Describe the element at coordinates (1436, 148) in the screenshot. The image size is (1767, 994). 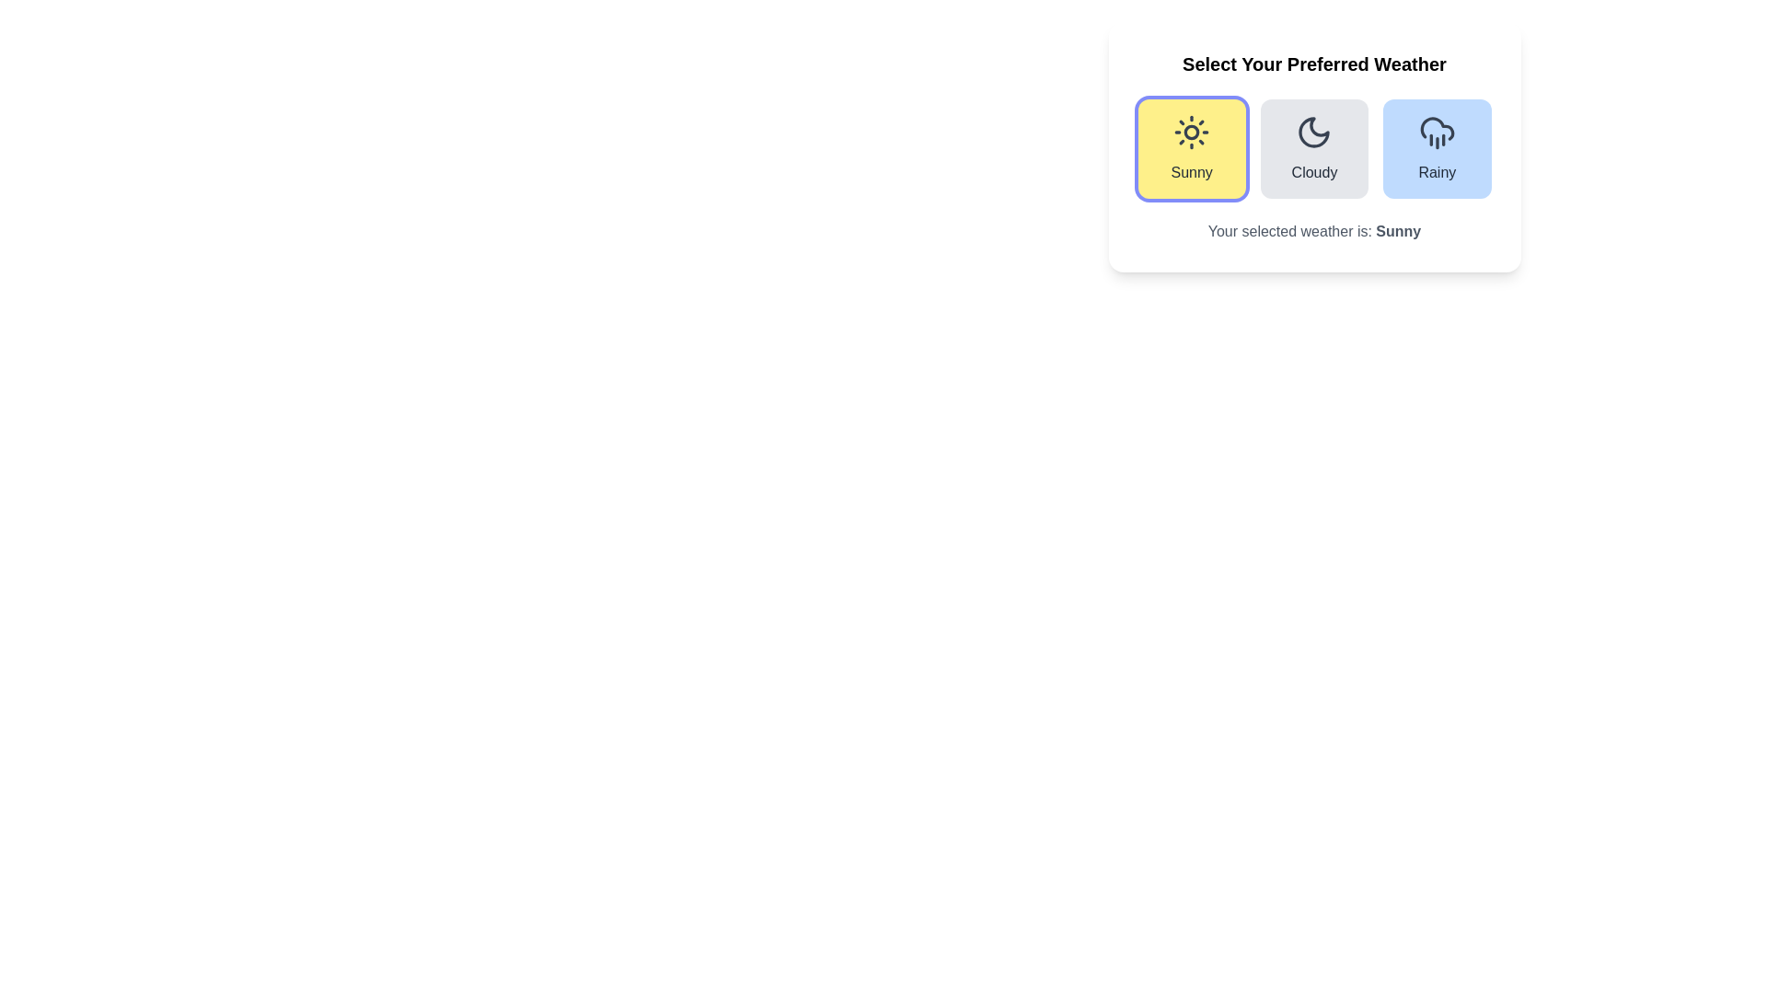
I see `the 'Rainy' weather option button located at the far right of the horizontal grid of weather preferences` at that location.